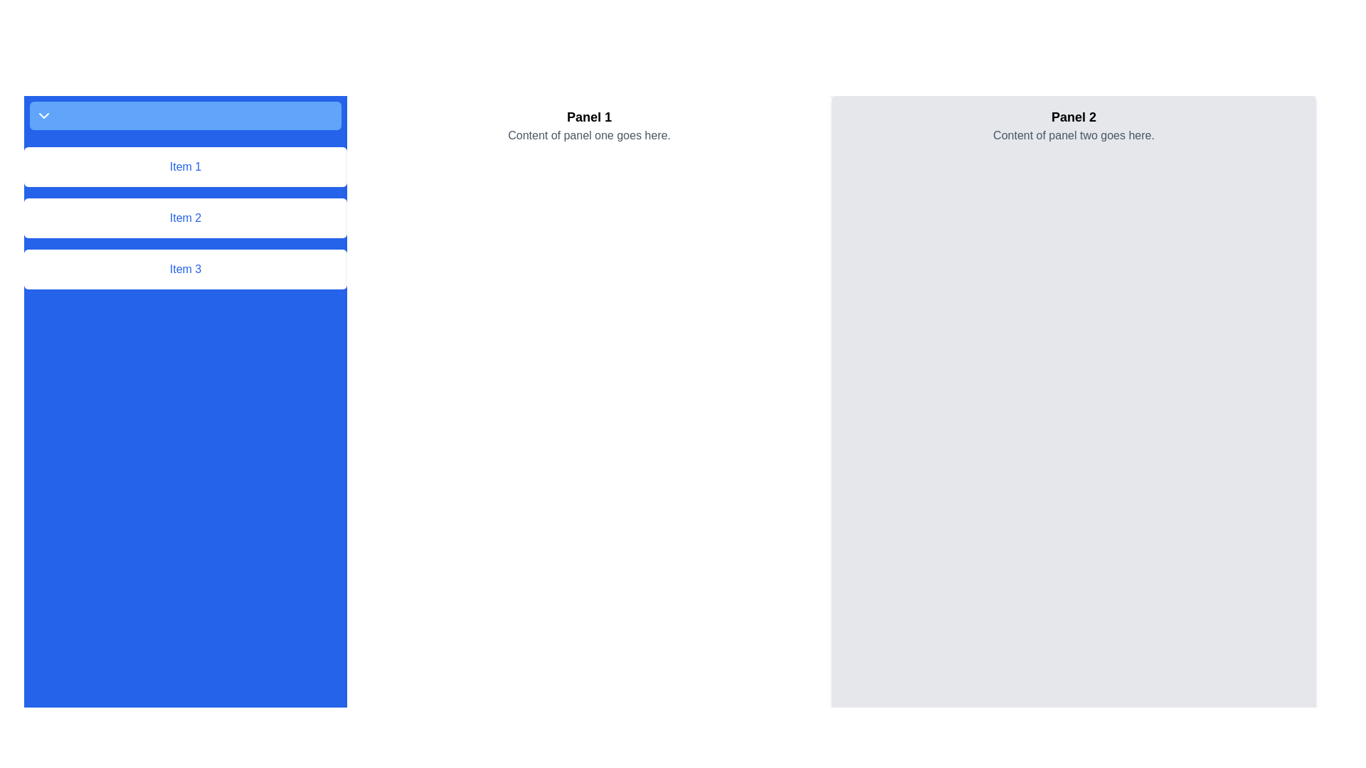 This screenshot has height=768, width=1366. I want to click on the chevron icon located at the leftmost position of the blue-shaded rectangular panel, which controls the display state of a dropdown or collapsible menu, so click(44, 114).